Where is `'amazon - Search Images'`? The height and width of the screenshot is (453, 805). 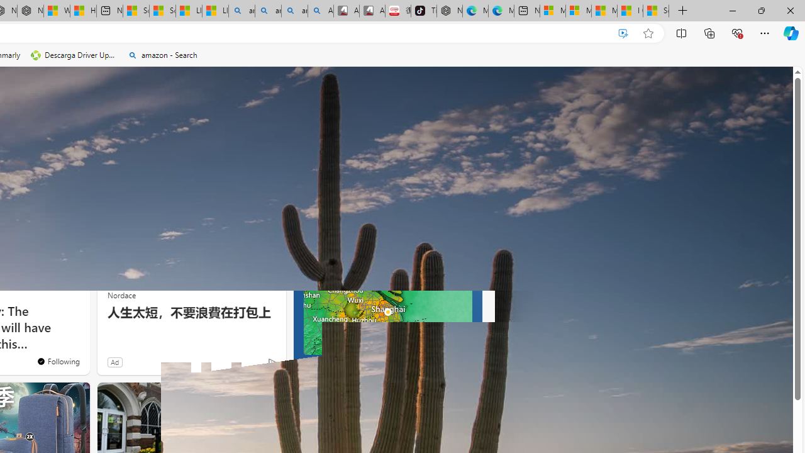
'amazon - Search Images' is located at coordinates (294, 11).